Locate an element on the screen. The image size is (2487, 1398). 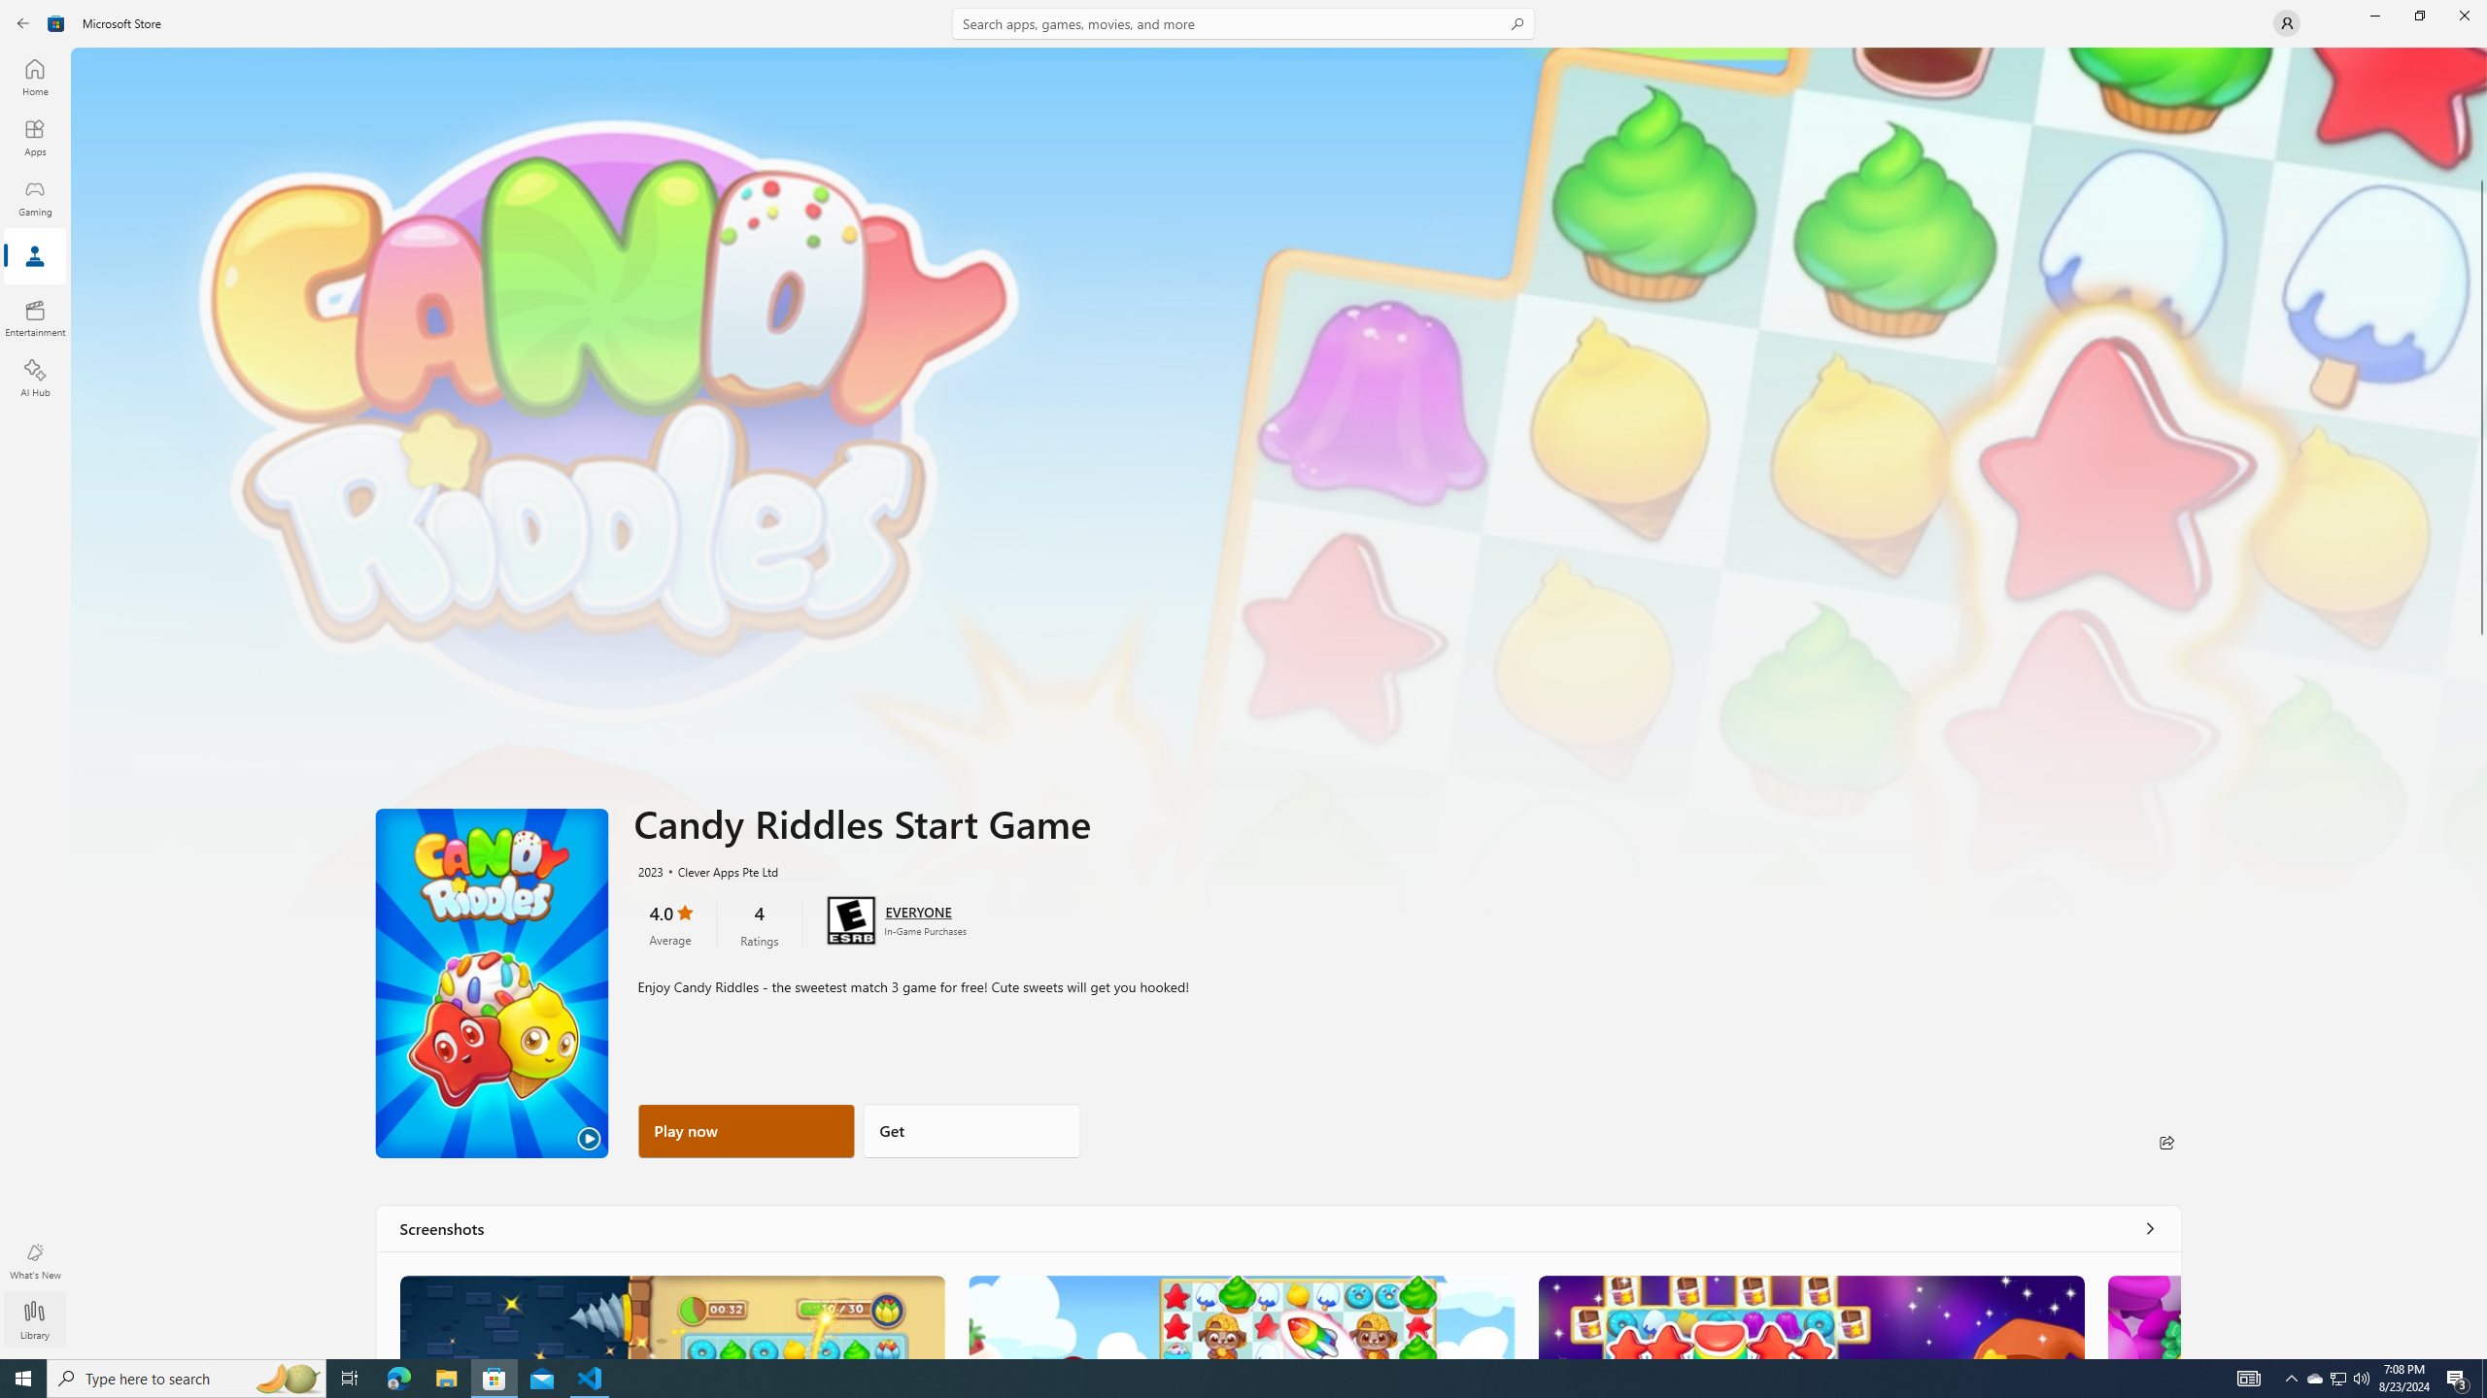
'User profile' is located at coordinates (2285, 21).